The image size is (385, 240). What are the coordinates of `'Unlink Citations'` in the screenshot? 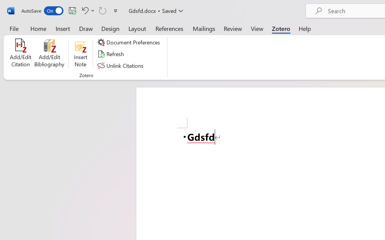 It's located at (121, 65).